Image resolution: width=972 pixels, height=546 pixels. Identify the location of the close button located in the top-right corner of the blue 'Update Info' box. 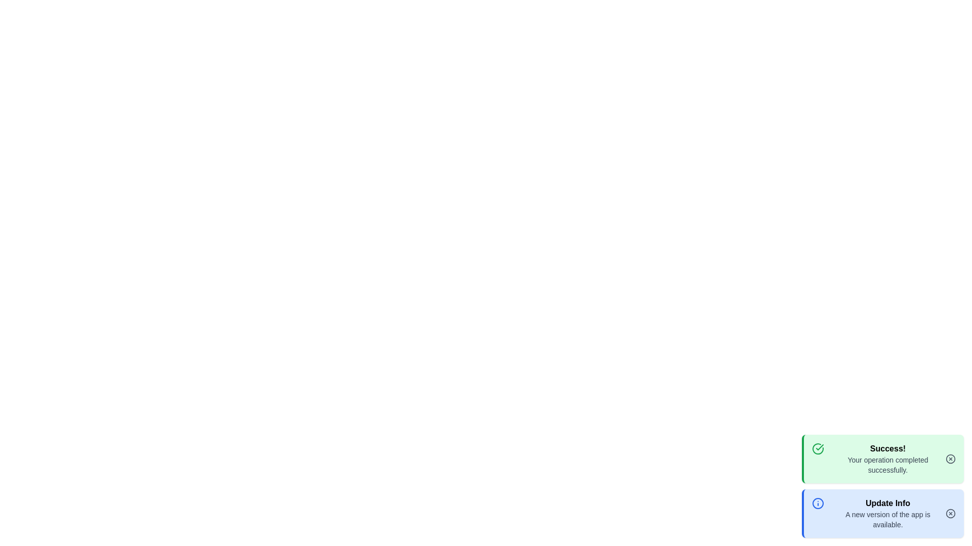
(950, 513).